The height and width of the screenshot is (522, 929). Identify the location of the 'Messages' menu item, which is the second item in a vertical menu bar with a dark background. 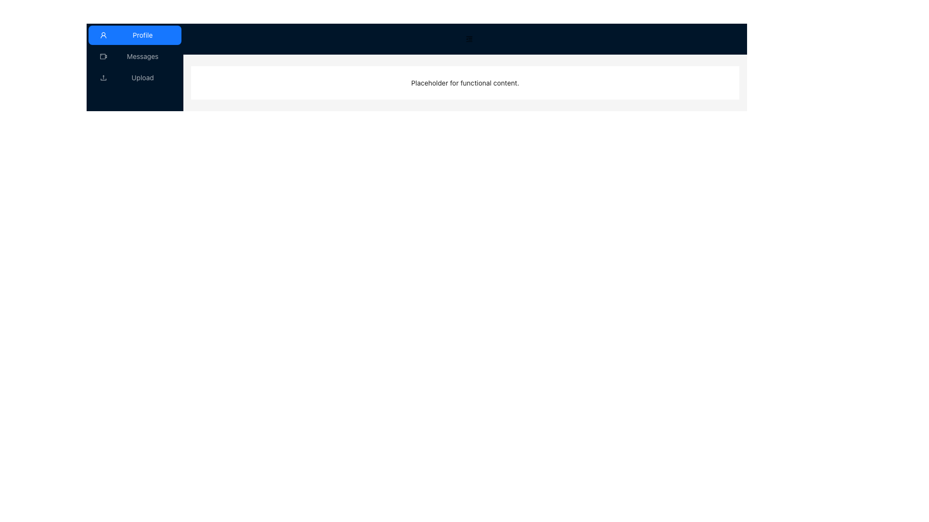
(134, 56).